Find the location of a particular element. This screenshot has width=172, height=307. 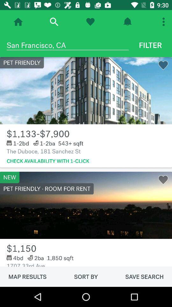

the item to the left of save search item is located at coordinates (86, 276).